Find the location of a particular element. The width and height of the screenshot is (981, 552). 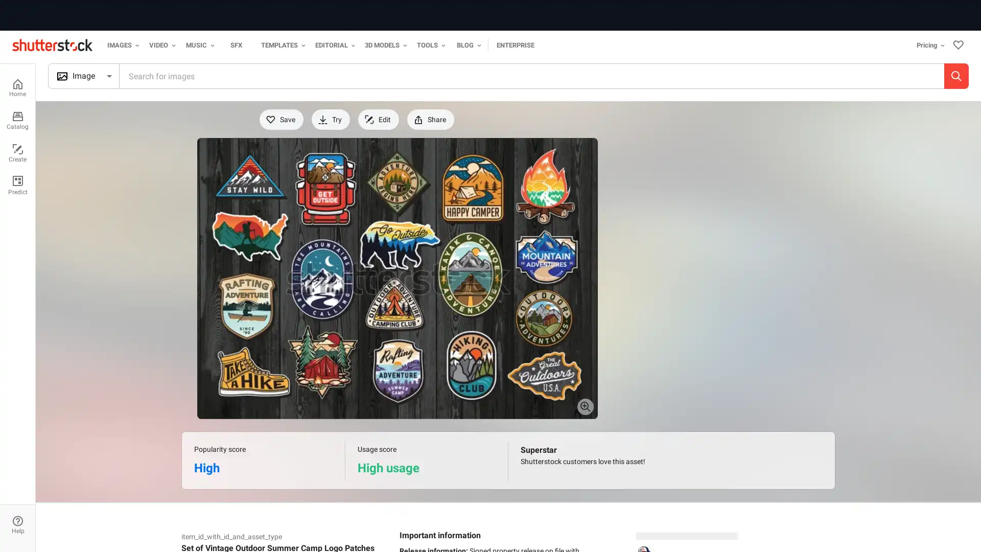

Download for free is located at coordinates (500, 119).